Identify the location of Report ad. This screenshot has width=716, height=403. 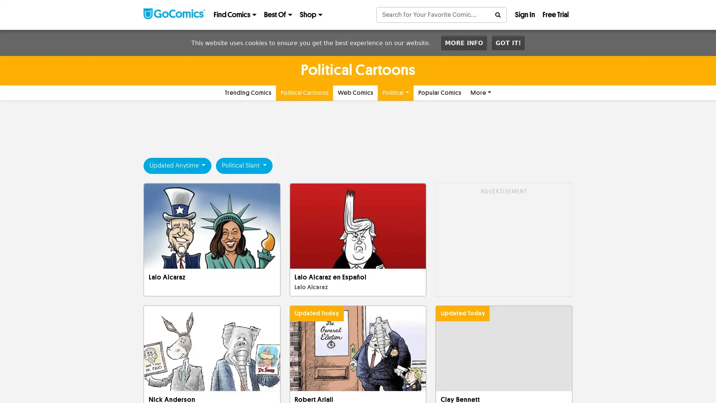
(526, 208).